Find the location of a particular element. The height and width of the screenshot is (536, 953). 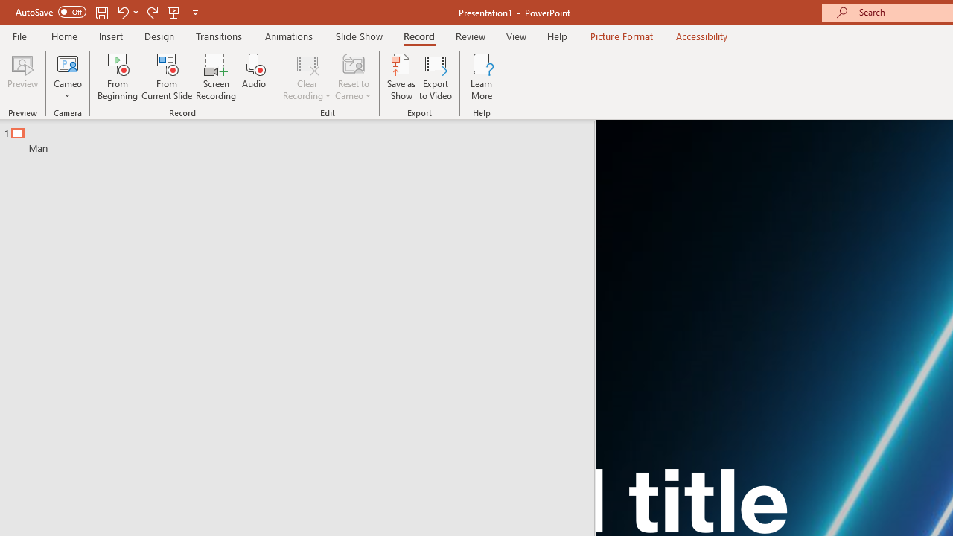

'More Options' is located at coordinates (67, 90).